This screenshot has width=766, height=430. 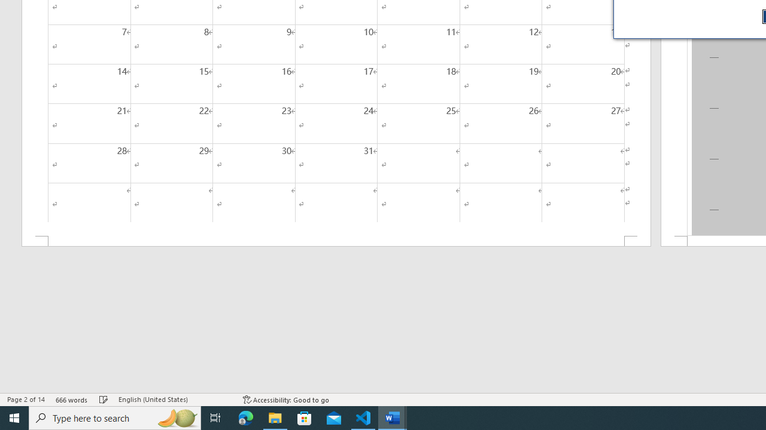 I want to click on 'Word Count 666 words', so click(x=71, y=400).